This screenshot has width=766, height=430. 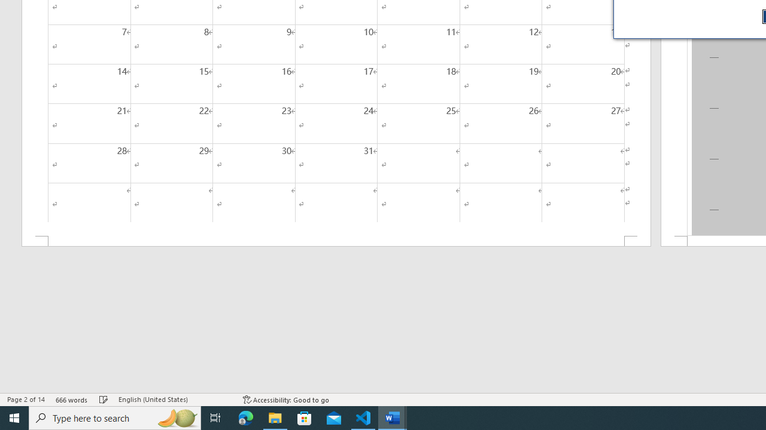 I want to click on 'Word Count 666 words', so click(x=71, y=400).